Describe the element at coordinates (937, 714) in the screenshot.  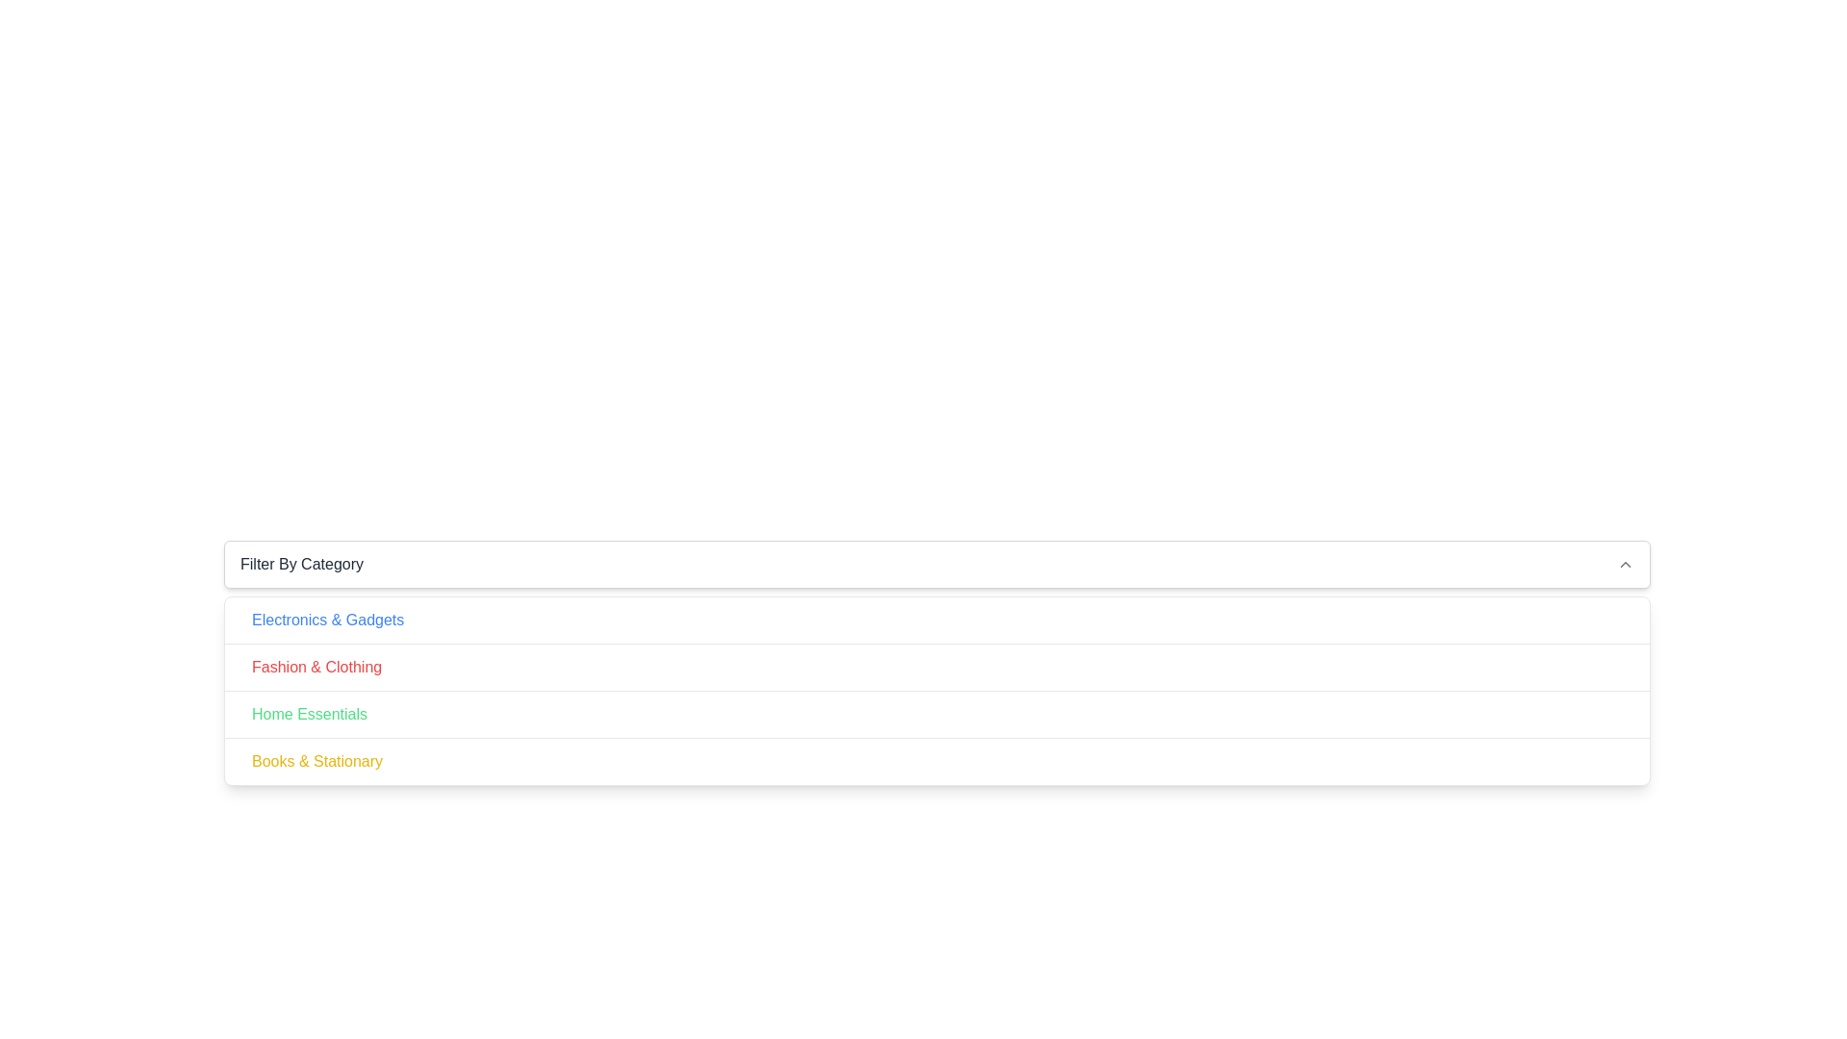
I see `the 'Home Essentials' item in the category filter list, which is the third option below 'Fashion & Clothing' and above 'Books & Stationary'` at that location.